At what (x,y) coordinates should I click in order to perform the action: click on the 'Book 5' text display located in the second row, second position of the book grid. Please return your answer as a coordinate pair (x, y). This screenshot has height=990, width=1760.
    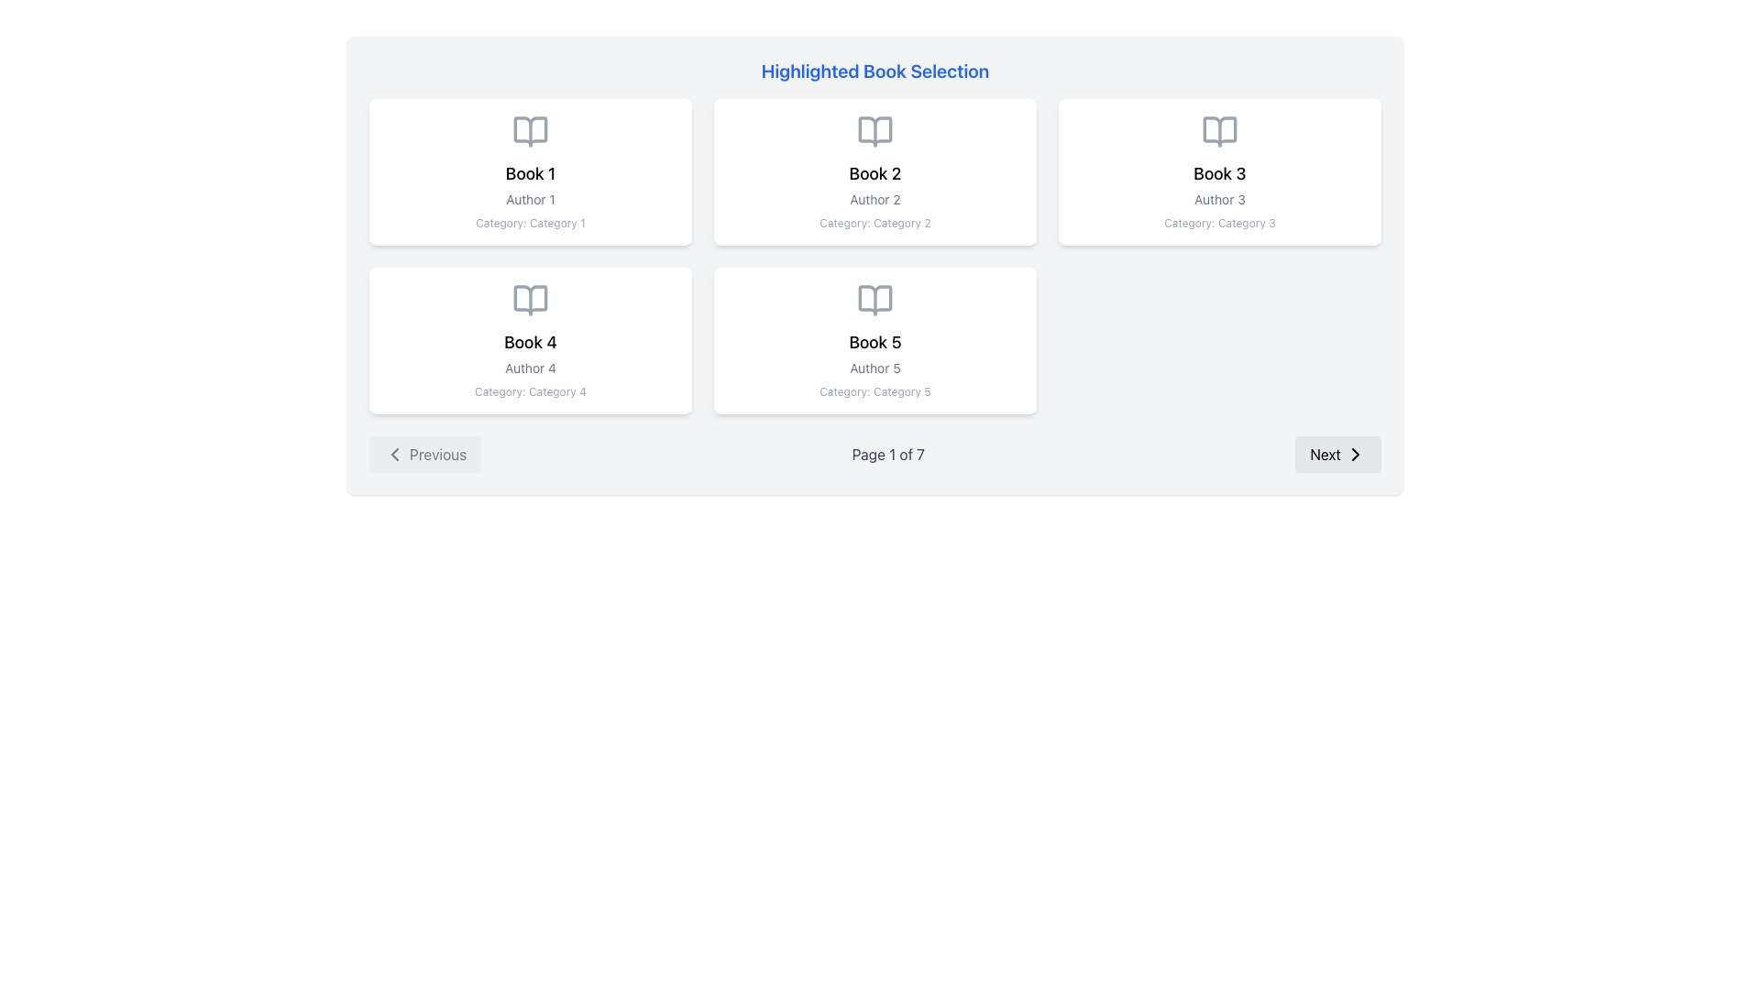
    Looking at the image, I should click on (874, 343).